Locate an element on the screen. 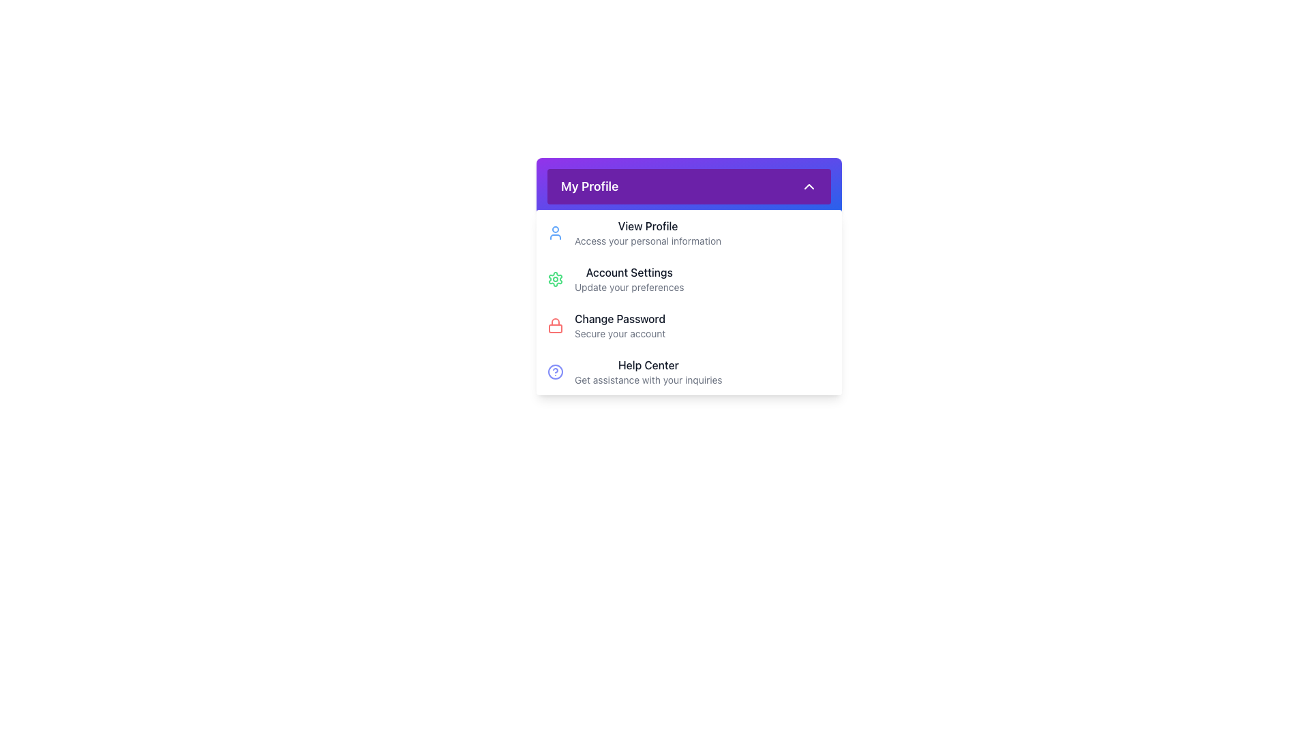 This screenshot has width=1309, height=736. the 'Change Password' menu item within the dropdown under 'My Profile' is located at coordinates (619, 326).